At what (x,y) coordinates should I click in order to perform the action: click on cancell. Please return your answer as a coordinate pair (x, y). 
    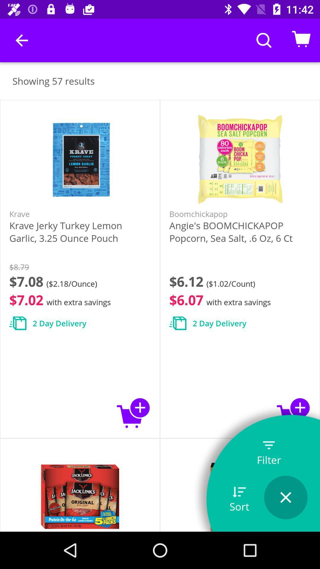
    Looking at the image, I should click on (285, 497).